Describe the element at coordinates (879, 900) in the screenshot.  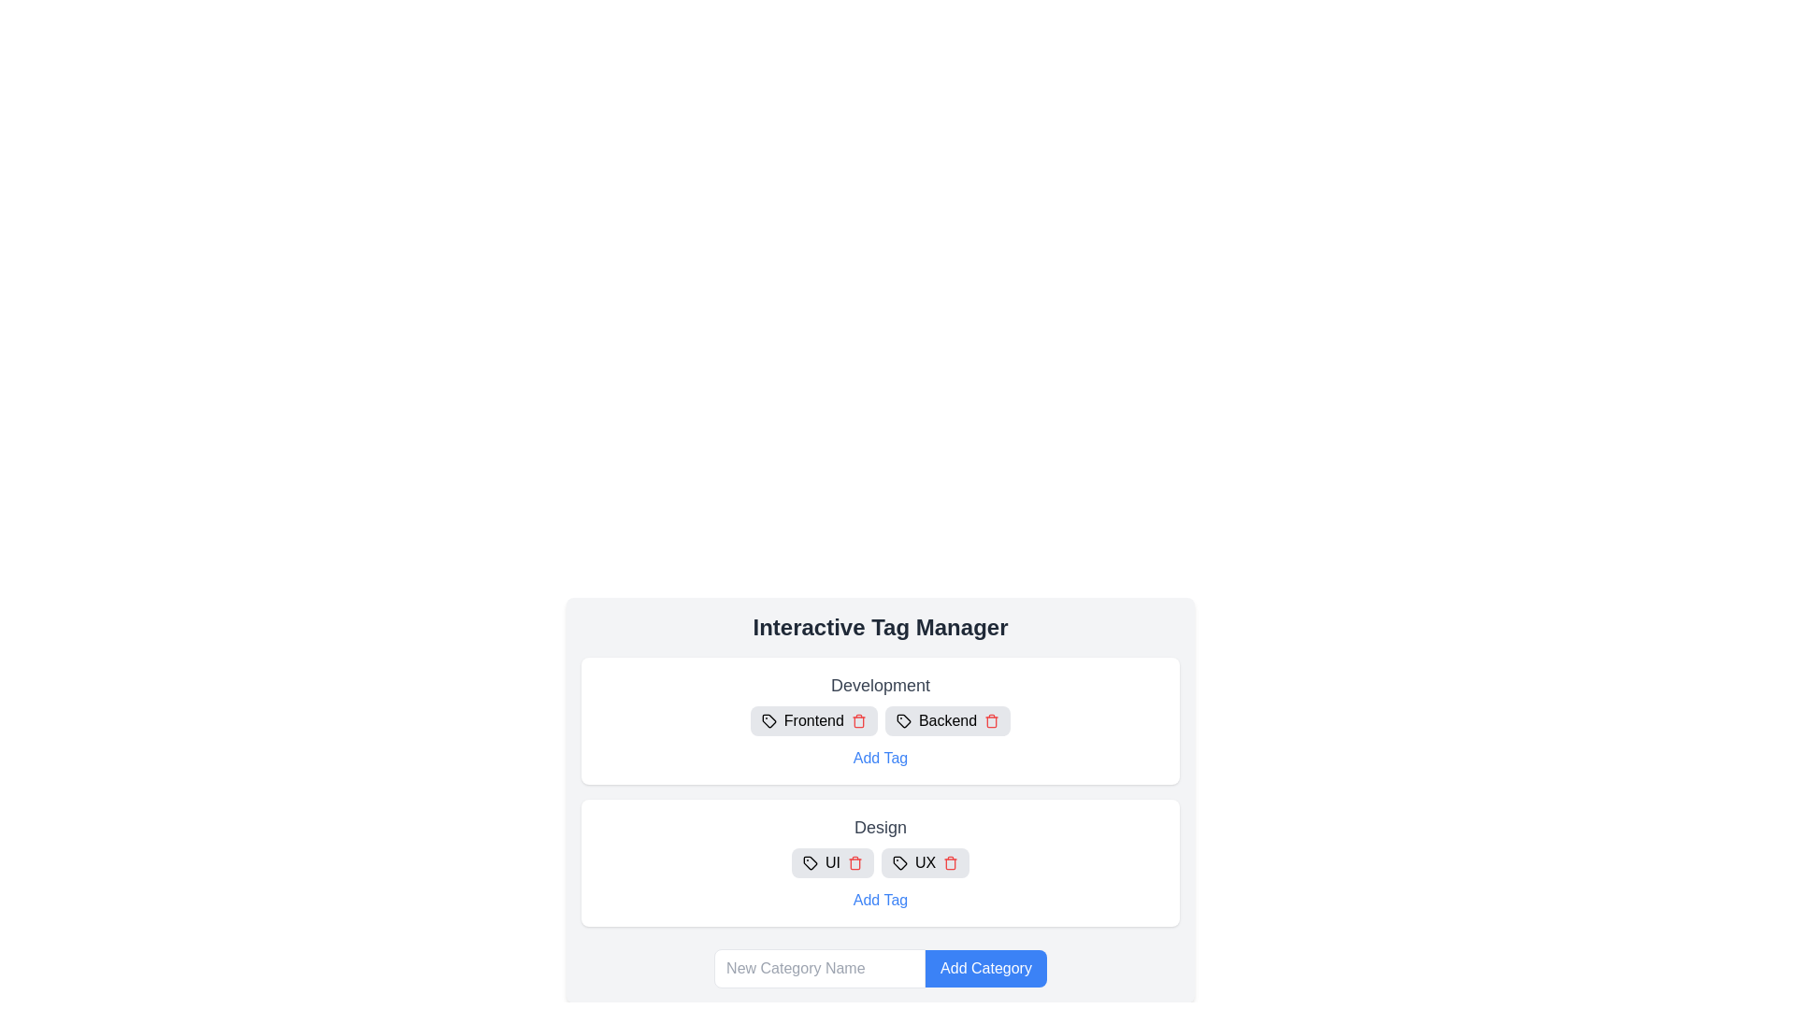
I see `the interactive link` at that location.